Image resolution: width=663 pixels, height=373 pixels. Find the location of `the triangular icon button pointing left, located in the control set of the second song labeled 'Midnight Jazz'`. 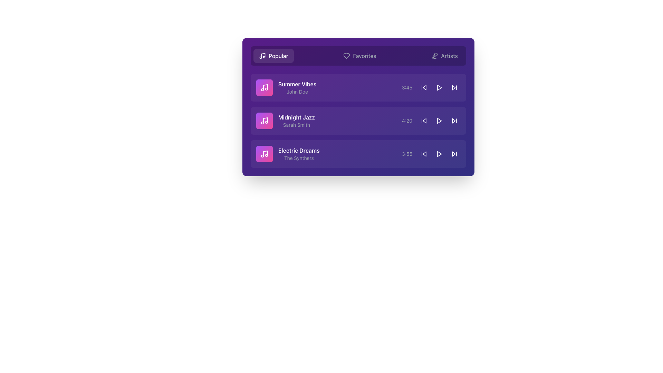

the triangular icon button pointing left, located in the control set of the second song labeled 'Midnight Jazz' is located at coordinates (424, 121).